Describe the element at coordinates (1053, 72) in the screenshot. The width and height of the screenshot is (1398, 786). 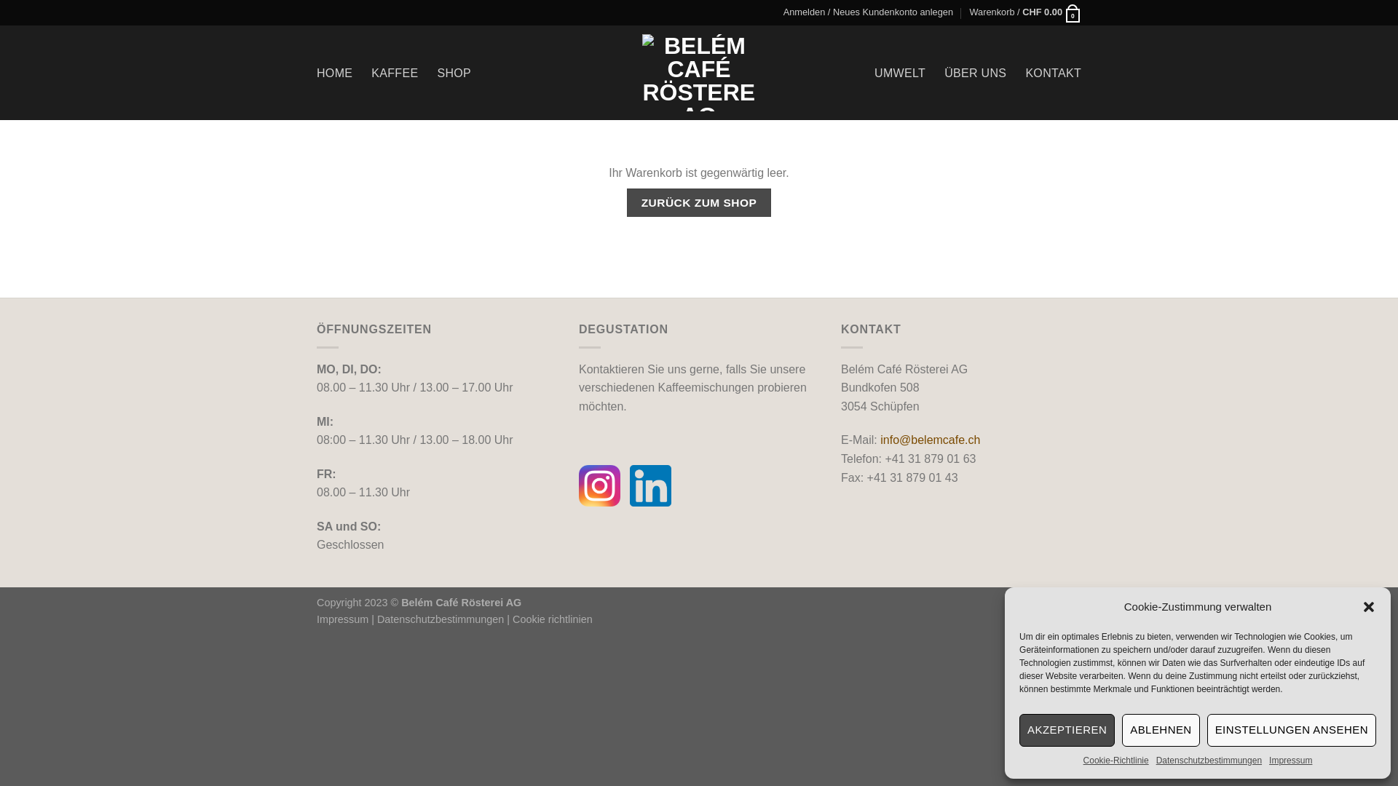
I see `'KONTAKT'` at that location.